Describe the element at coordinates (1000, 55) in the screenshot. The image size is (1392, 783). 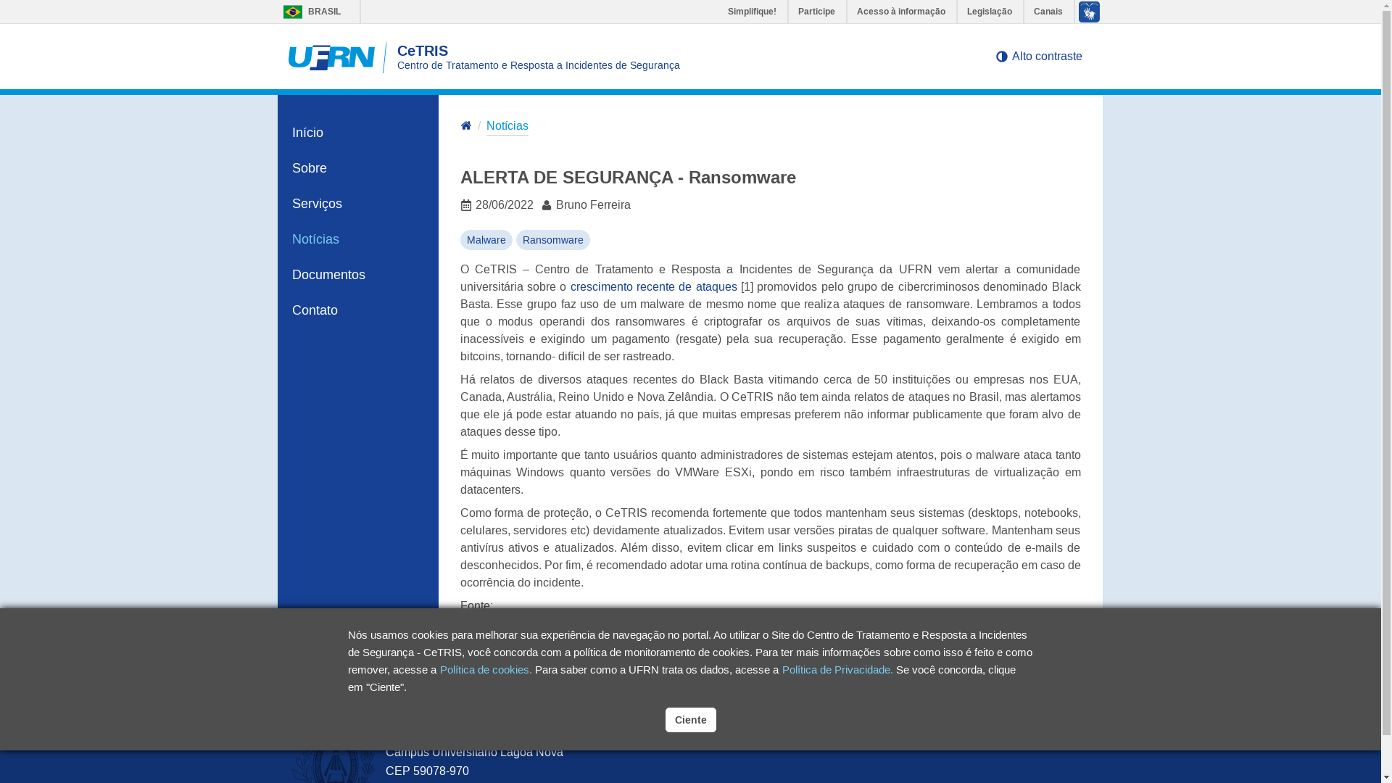
I see `'Alterar para o modo de contraste'` at that location.